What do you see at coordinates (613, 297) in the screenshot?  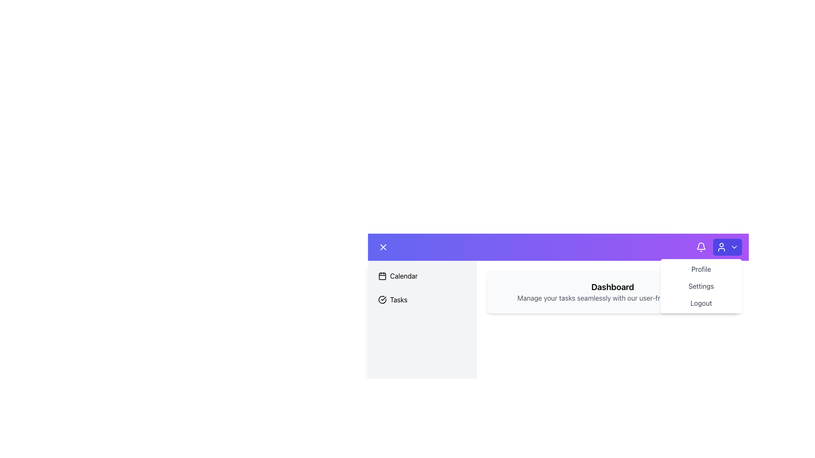 I see `the descriptive text display located directly below the 'Dashboard' header in the top-right section of the interface` at bounding box center [613, 297].